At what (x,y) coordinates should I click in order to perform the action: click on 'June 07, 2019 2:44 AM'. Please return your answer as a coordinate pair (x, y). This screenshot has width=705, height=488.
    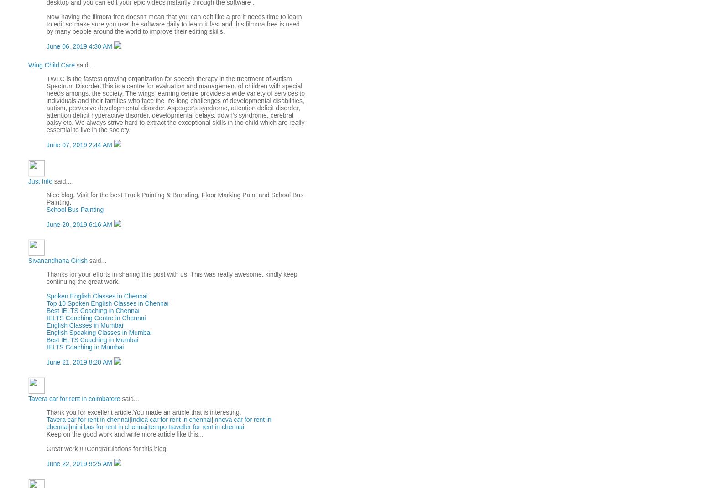
    Looking at the image, I should click on (46, 144).